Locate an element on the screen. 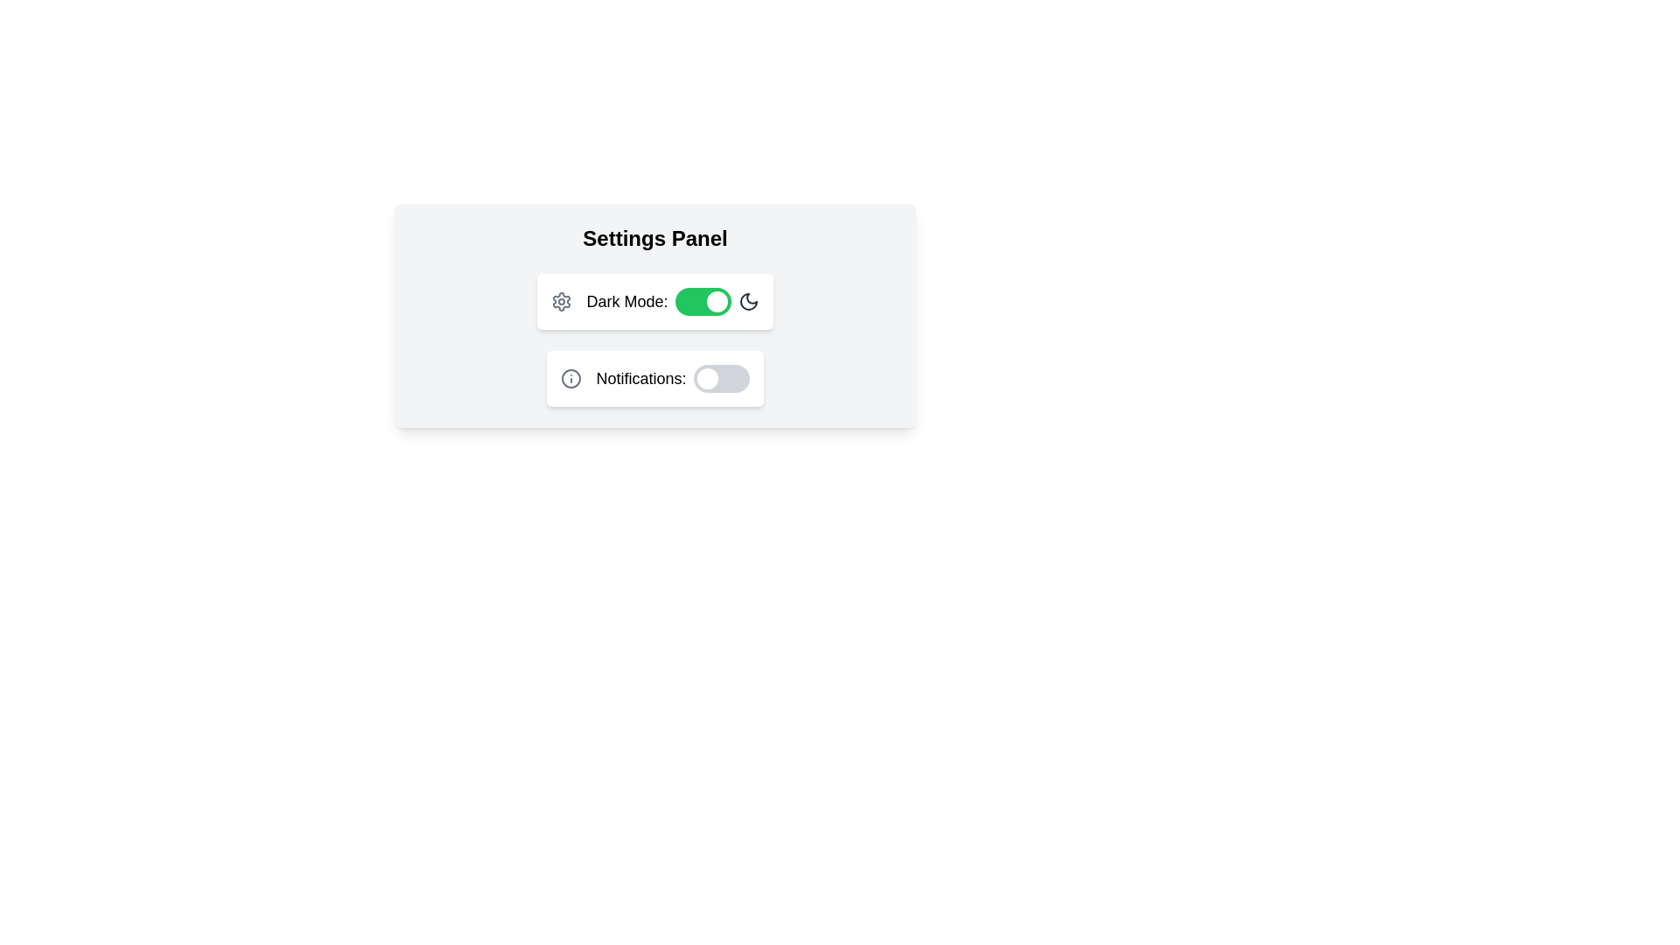  the 'Notifications:' text label that indicates the purpose of the adjacent toggle switch for notification settings is located at coordinates (671, 377).